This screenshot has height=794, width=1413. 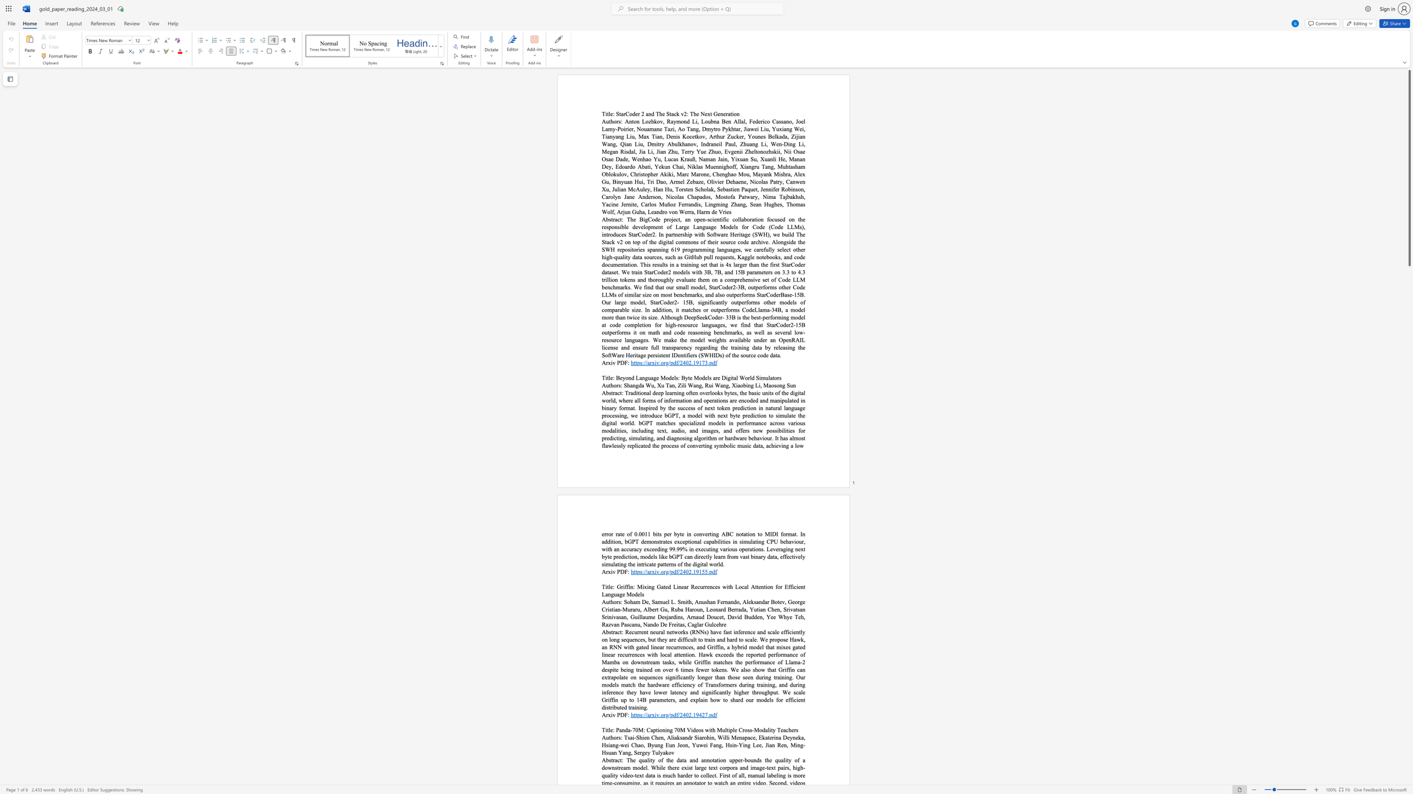 What do you see at coordinates (1409, 359) in the screenshot?
I see `the page's right scrollbar for downward movement` at bounding box center [1409, 359].